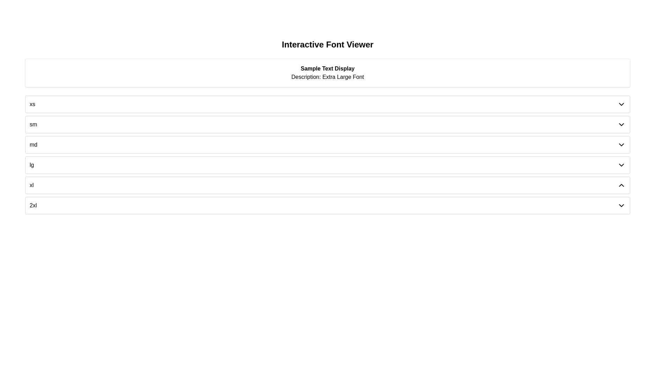 This screenshot has width=670, height=377. I want to click on text content of the Text label element displaying 'xs', located at the left edge of the first row in a vertically stacked list interface, so click(32, 104).